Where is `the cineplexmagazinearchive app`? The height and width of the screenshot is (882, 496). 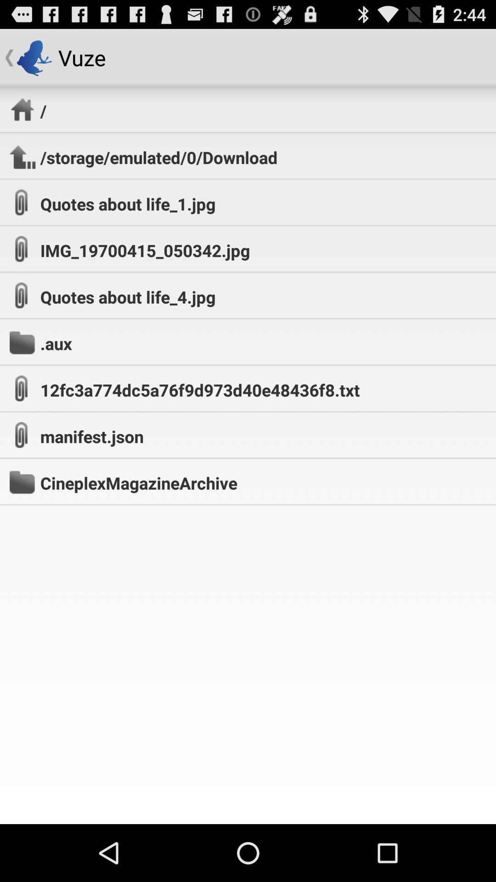 the cineplexmagazinearchive app is located at coordinates (139, 482).